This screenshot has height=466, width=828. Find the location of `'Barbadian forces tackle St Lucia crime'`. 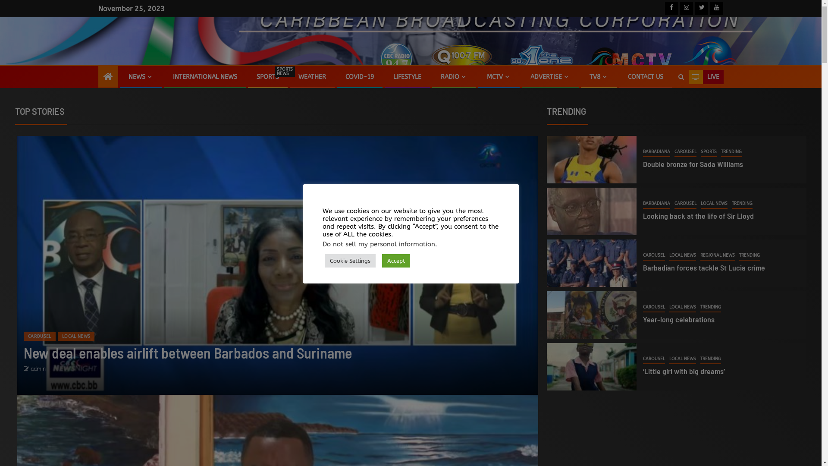

'Barbadian forces tackle St Lucia crime' is located at coordinates (704, 267).